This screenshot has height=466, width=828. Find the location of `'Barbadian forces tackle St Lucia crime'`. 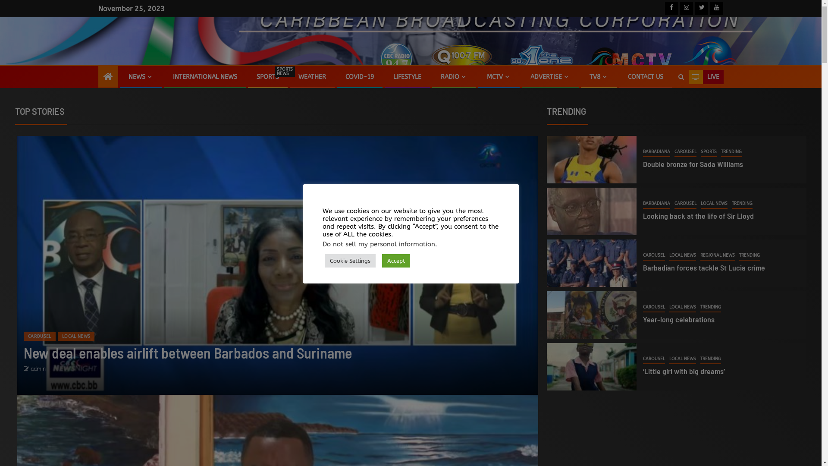

'Barbadian forces tackle St Lucia crime' is located at coordinates (704, 267).